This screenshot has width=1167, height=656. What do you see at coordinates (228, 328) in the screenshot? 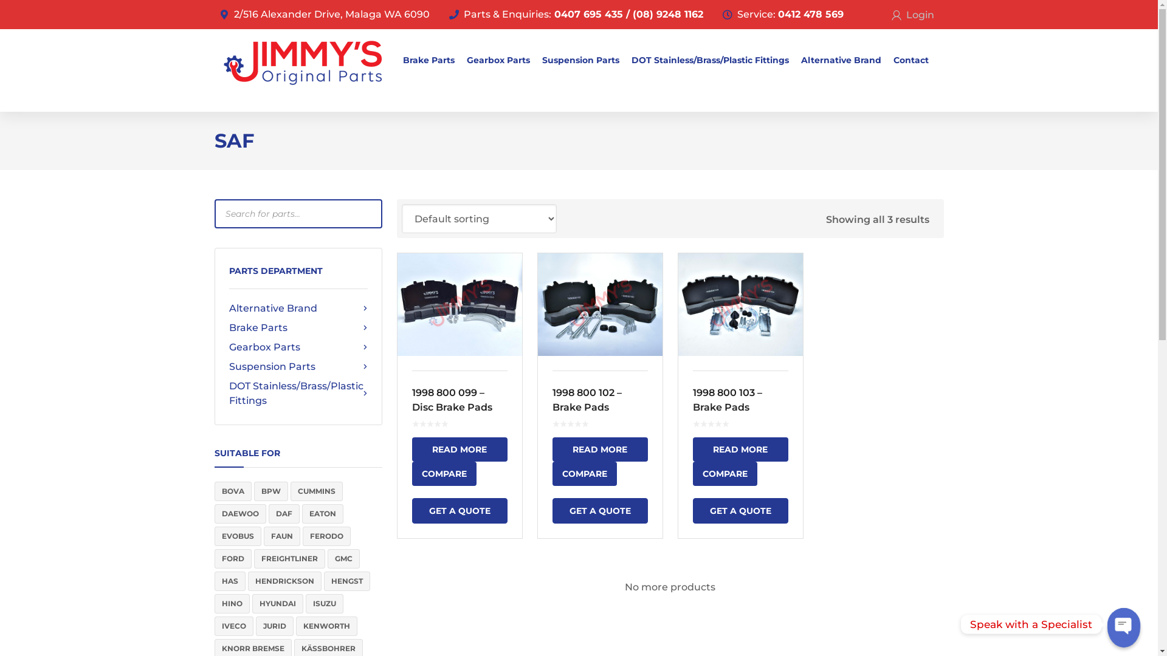
I see `'Brake Parts'` at bounding box center [228, 328].